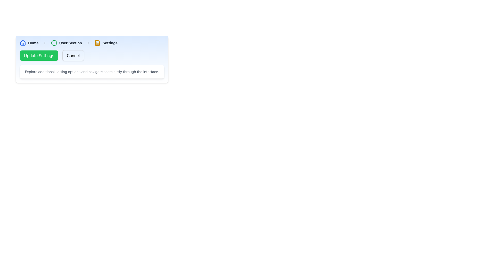 This screenshot has width=495, height=278. Describe the element at coordinates (70, 42) in the screenshot. I see `the static text element displaying 'User Section' in the breadcrumb navigation, which is styled in bold dark gray and positioned between a green circular icon and an arrow separator` at that location.